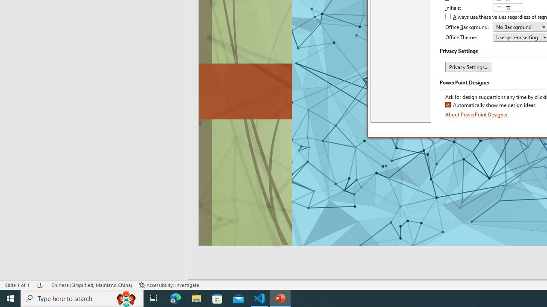  What do you see at coordinates (196, 298) in the screenshot?
I see `'File Explorer'` at bounding box center [196, 298].